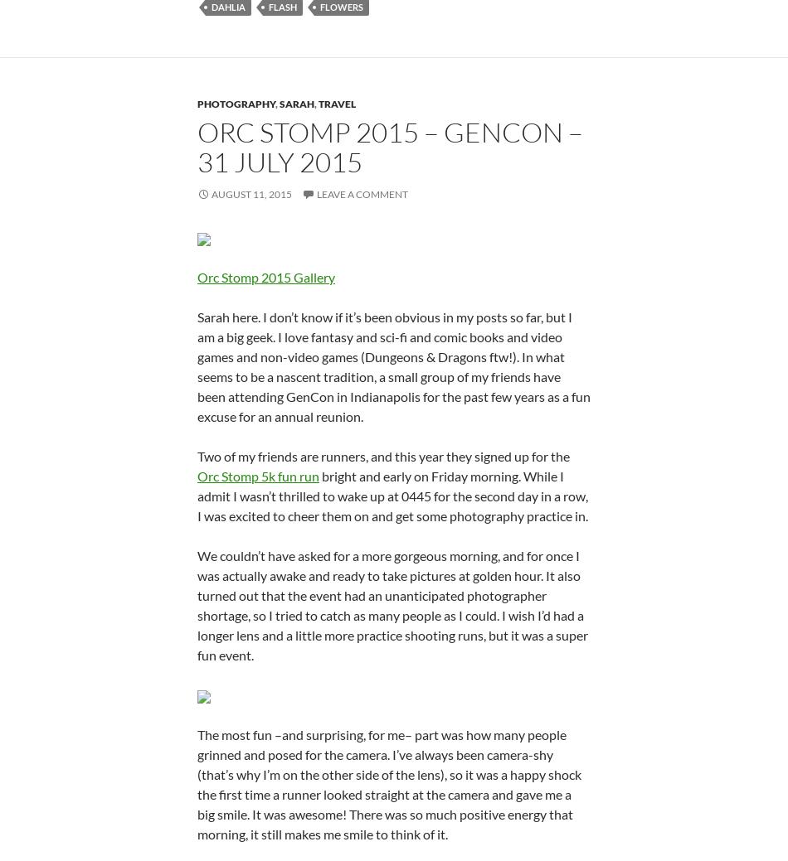  Describe the element at coordinates (388, 783) in the screenshot. I see `'The most fun –and surprising, for me– part was how many people grinned and posed for the camera.  I’ve always been camera-shy (that’s why I’m on the other side of the lens), so it was a happy shock the first time a runner looked straight at the camera and gave me a big smile.  It was awesome!  There was so much positive energy that morning, it still makes me smile to think of it.'` at that location.